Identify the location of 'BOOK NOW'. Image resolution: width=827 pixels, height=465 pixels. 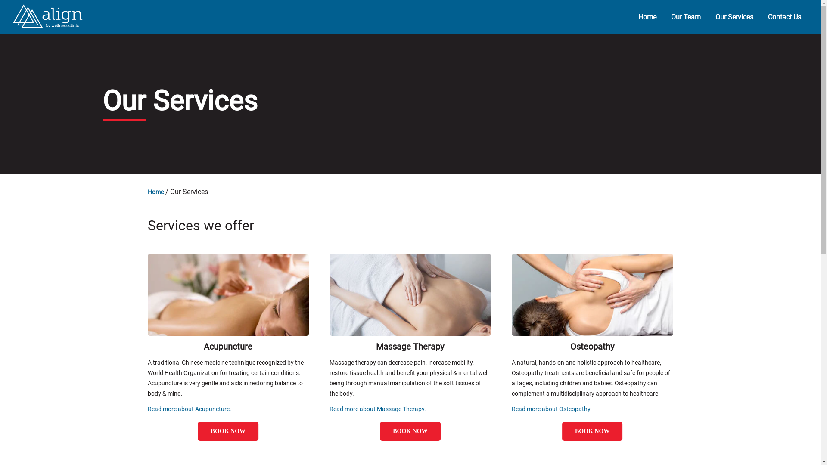
(228, 431).